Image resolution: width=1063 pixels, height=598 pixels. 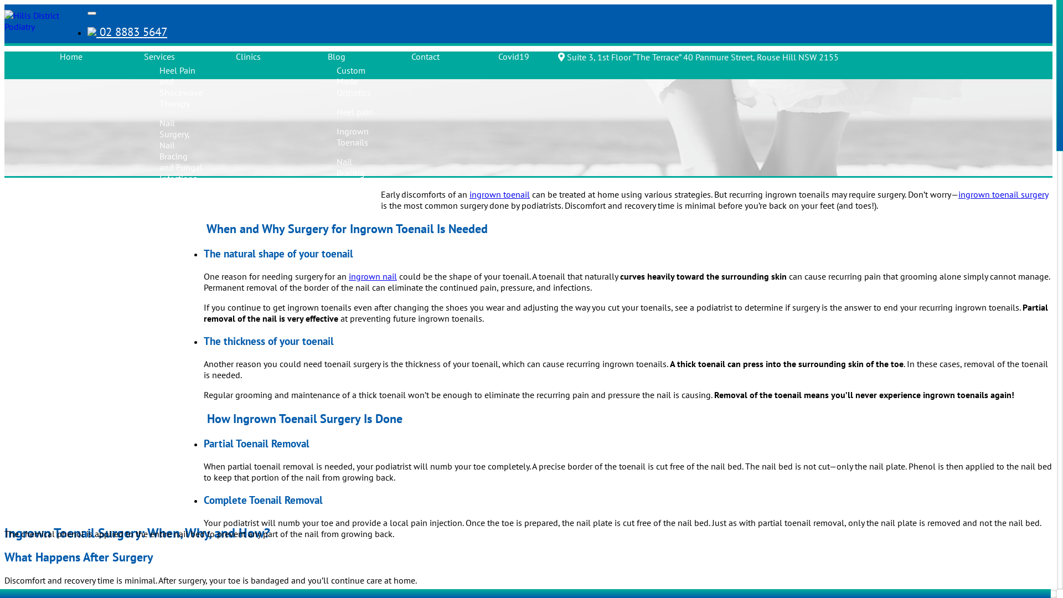 What do you see at coordinates (159, 86) in the screenshot?
I see `'Heel Pain and Shockwave Therapy'` at bounding box center [159, 86].